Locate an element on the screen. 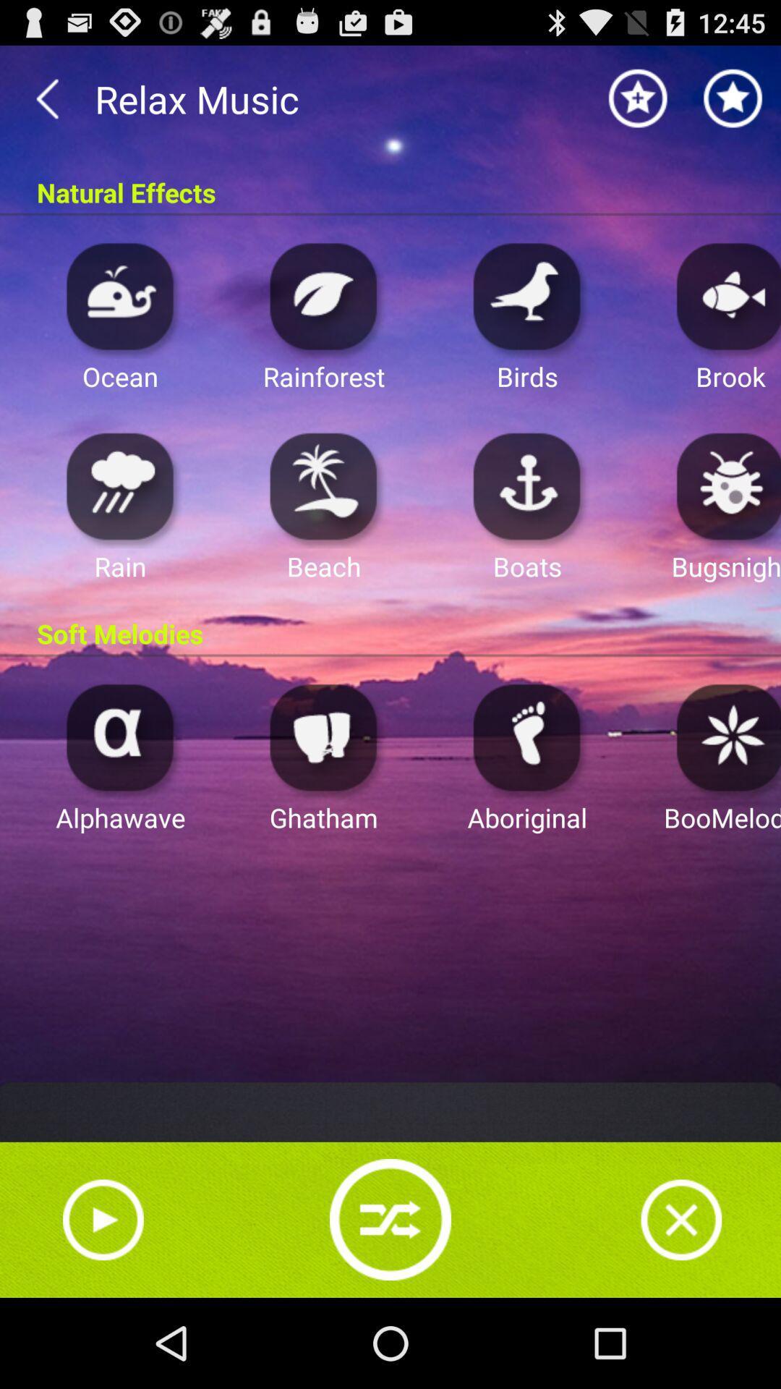 The image size is (781, 1389). plays audio is located at coordinates (323, 295).